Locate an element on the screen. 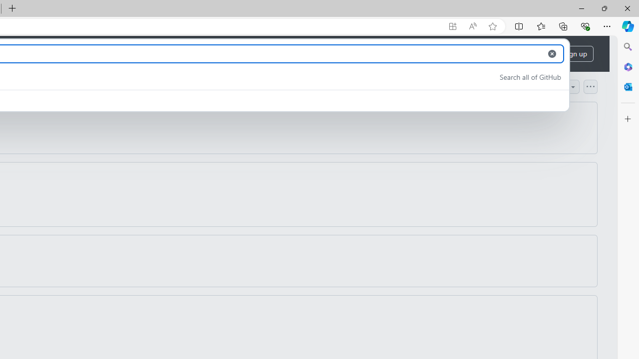 The height and width of the screenshot is (359, 639). 'Sign up' is located at coordinates (575, 54).